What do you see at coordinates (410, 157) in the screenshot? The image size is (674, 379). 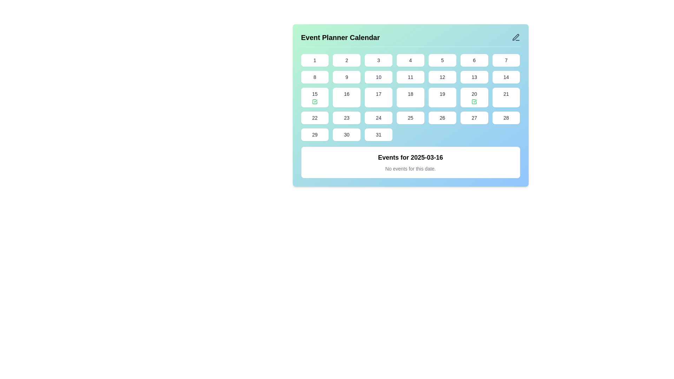 I see `the text label that displays the title or identifier for the events on the specified date, which is located above the 'No events for this date.' message within a bordered white rectangular box` at bounding box center [410, 157].